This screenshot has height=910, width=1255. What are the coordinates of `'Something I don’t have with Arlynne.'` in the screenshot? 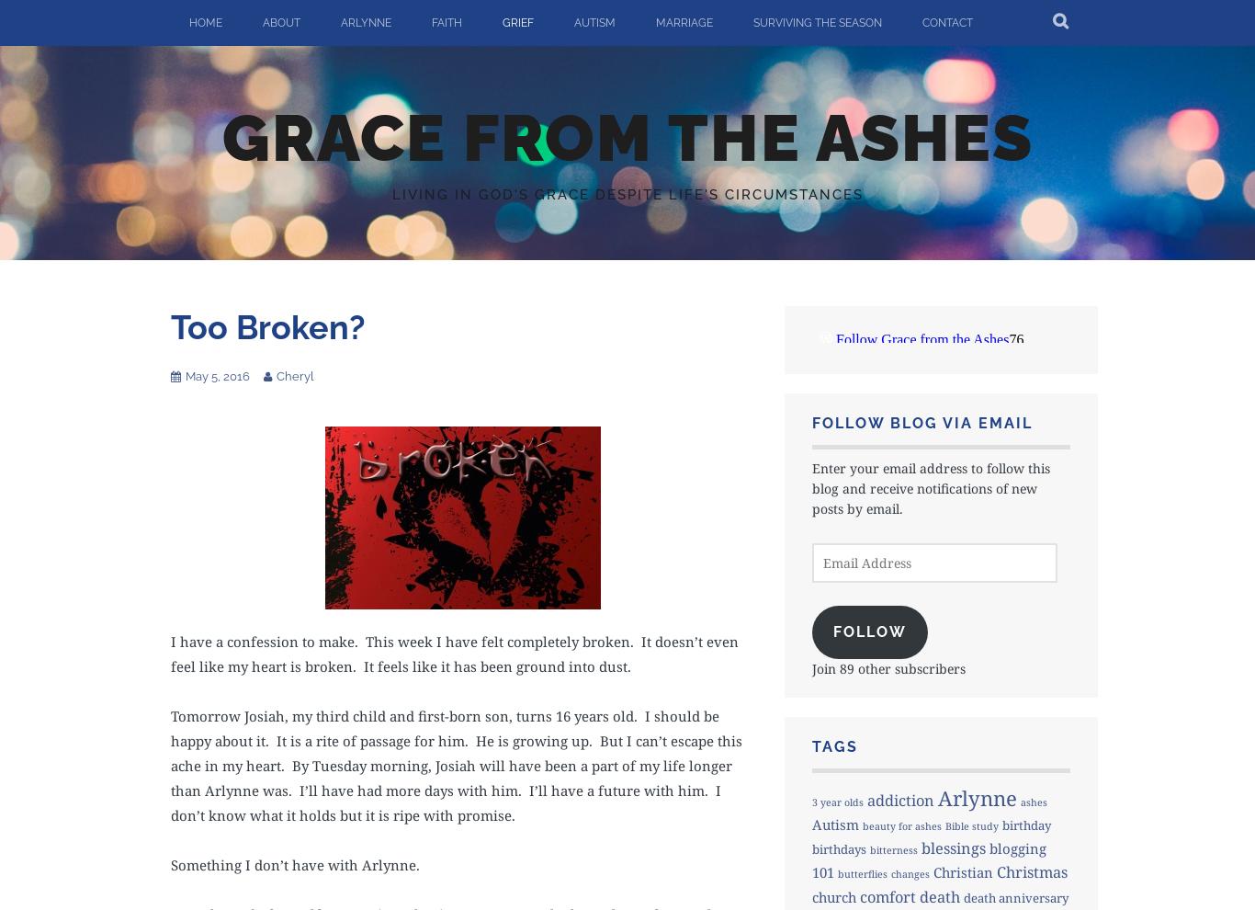 It's located at (295, 863).